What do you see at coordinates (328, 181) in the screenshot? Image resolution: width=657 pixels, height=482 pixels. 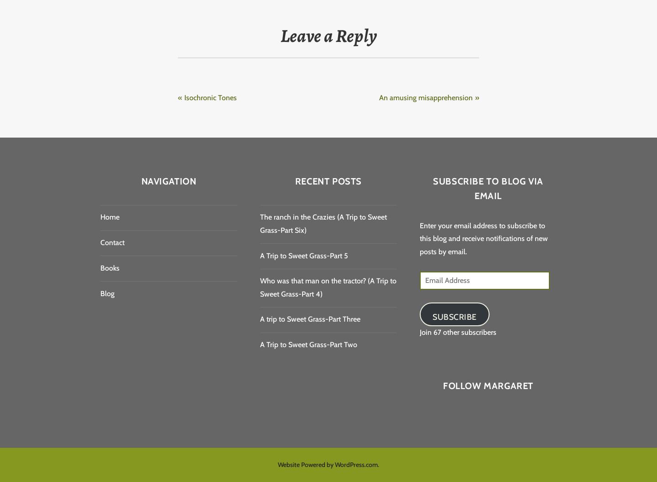 I see `'Recent Posts'` at bounding box center [328, 181].